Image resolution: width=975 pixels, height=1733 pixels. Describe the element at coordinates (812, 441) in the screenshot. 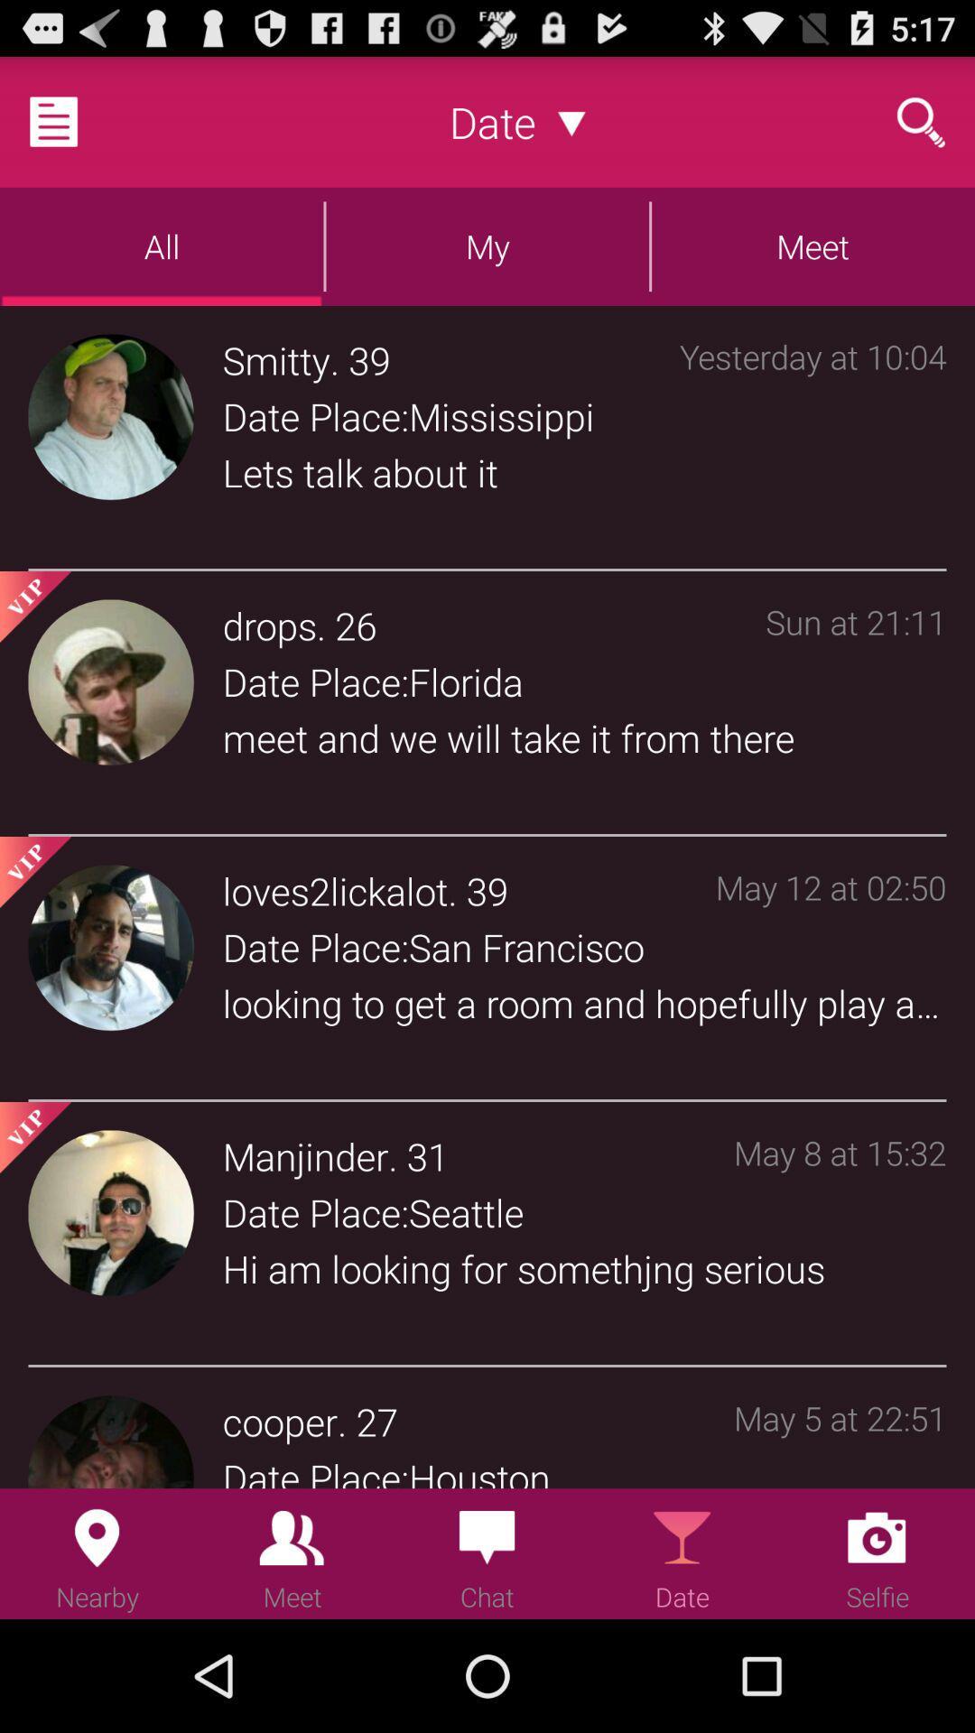

I see `yesterday at 10 item` at that location.